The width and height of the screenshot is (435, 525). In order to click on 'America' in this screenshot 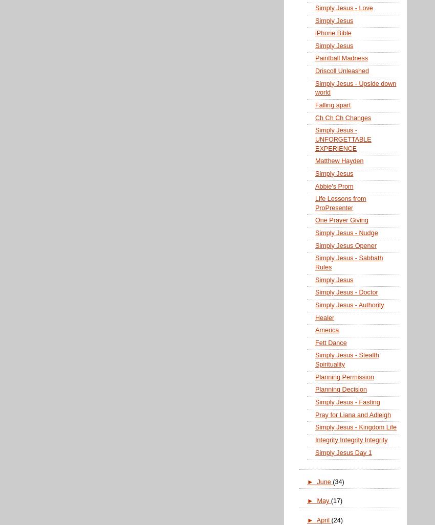, I will do `click(314, 329)`.